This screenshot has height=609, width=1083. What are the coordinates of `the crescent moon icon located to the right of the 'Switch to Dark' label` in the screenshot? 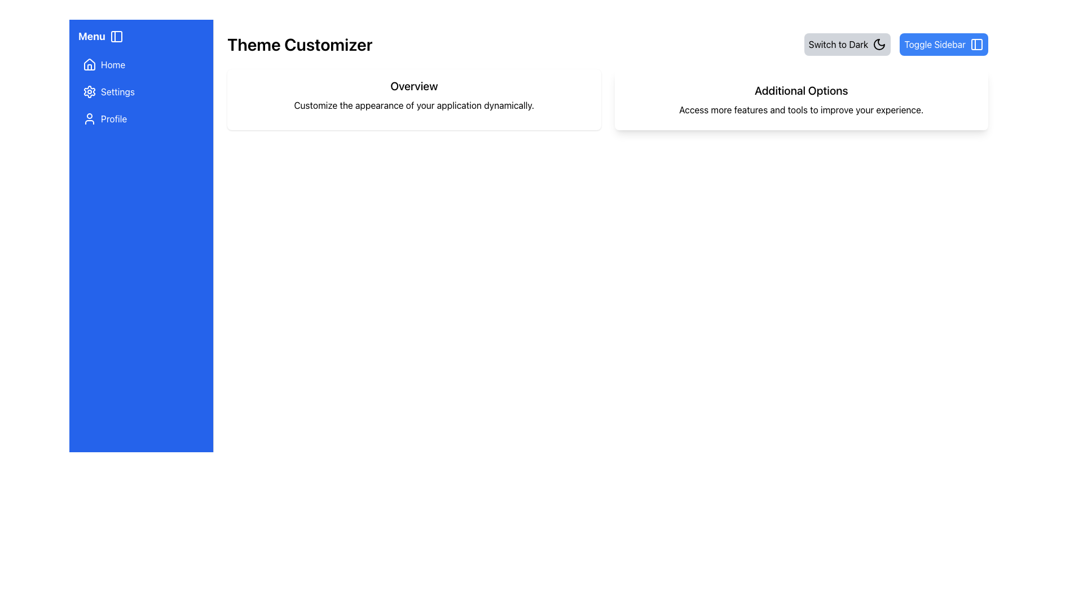 It's located at (879, 43).